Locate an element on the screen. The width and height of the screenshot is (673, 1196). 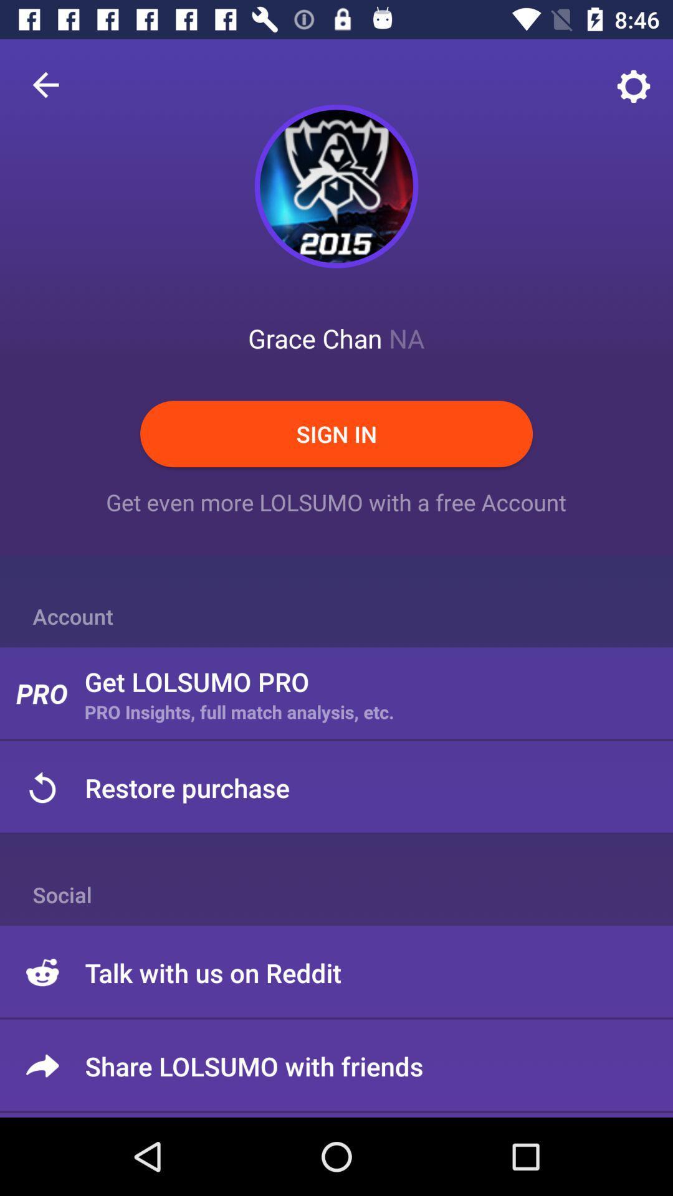
item below grace chan icon is located at coordinates (336, 434).